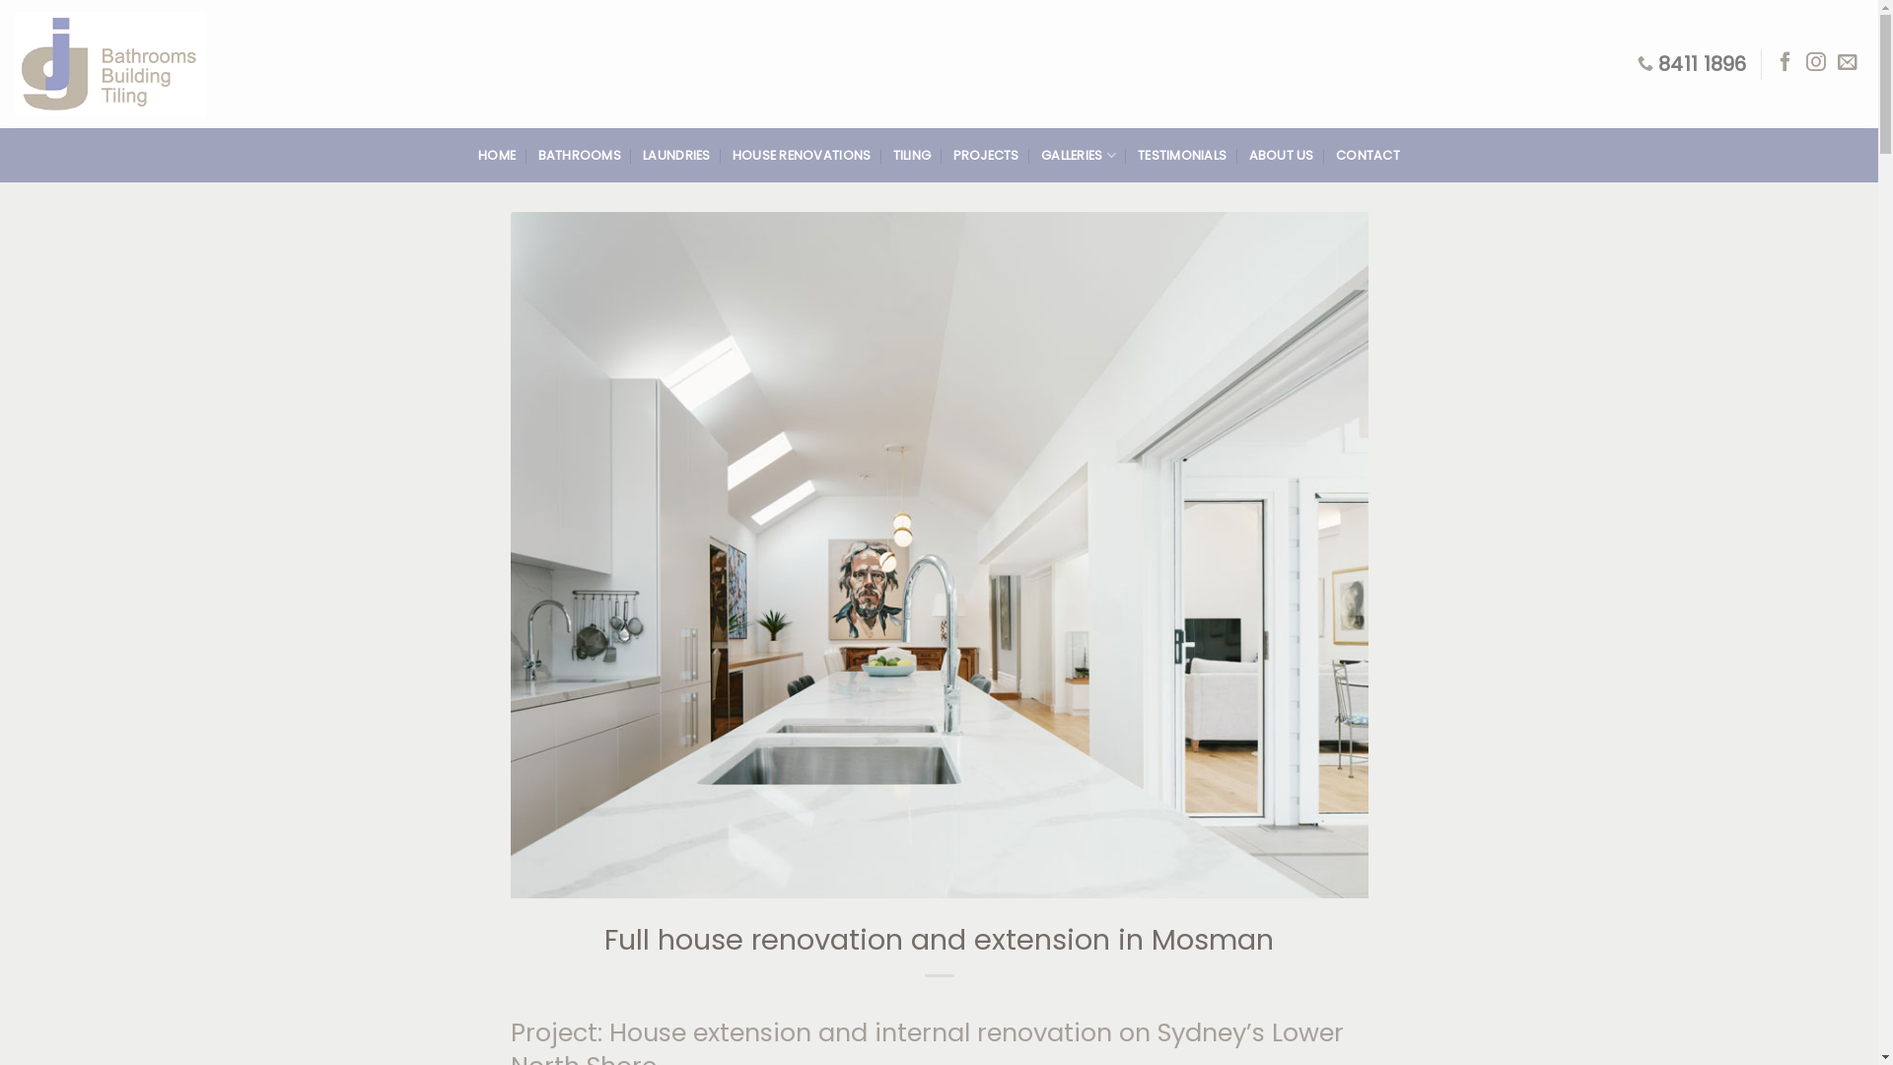 The image size is (1893, 1065). What do you see at coordinates (1815, 62) in the screenshot?
I see `'Follow on Instagram'` at bounding box center [1815, 62].